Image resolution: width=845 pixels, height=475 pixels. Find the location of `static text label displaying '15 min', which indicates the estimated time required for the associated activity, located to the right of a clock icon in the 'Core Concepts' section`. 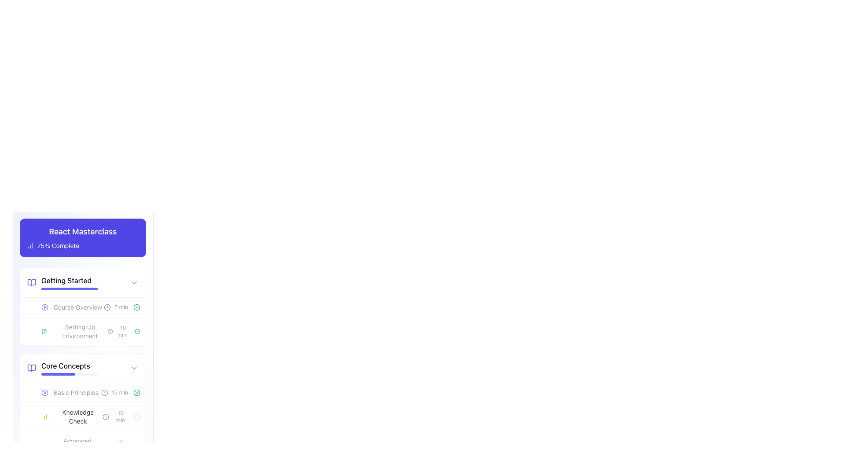

static text label displaying '15 min', which indicates the estimated time required for the associated activity, located to the right of a clock icon in the 'Core Concepts' section is located at coordinates (119, 392).